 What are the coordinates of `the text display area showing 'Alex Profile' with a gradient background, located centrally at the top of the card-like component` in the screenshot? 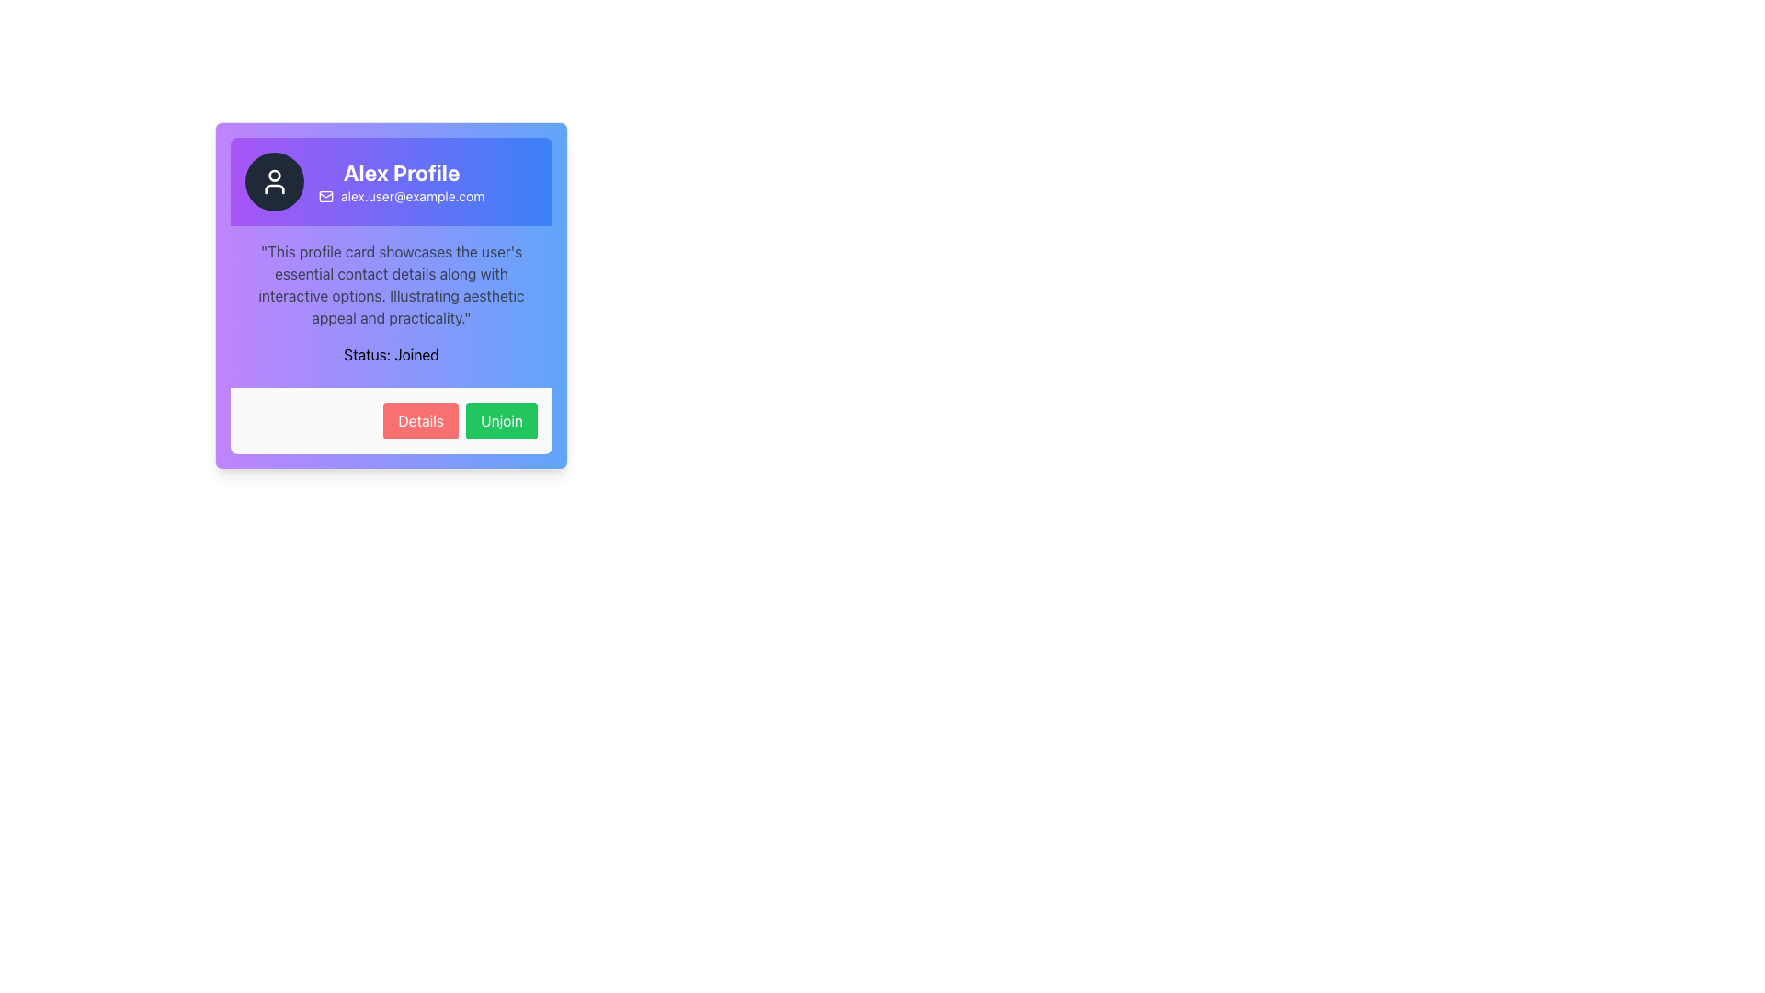 It's located at (401, 181).